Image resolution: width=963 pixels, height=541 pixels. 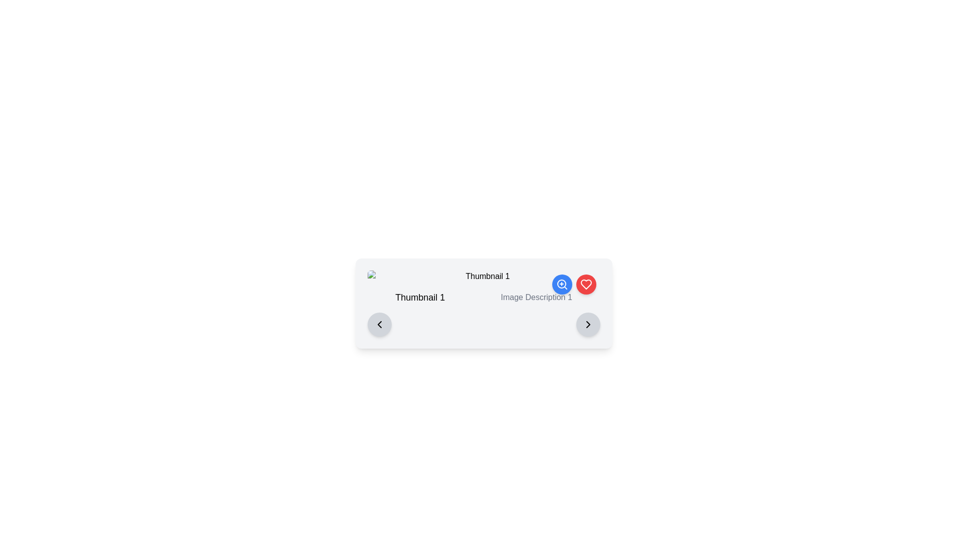 I want to click on the circular navigation button with a left-facing chevron icon, so click(x=379, y=325).